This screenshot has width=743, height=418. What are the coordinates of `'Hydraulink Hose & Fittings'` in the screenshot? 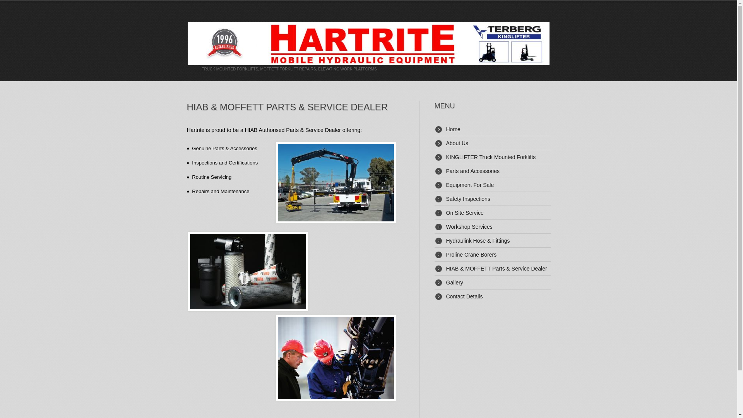 It's located at (477, 240).